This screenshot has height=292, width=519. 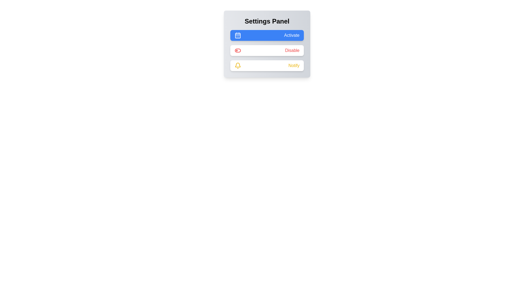 I want to click on the toggle switch styled icon with a red border located inside the 'Disable' row, positioned left of the text label, so click(x=238, y=50).